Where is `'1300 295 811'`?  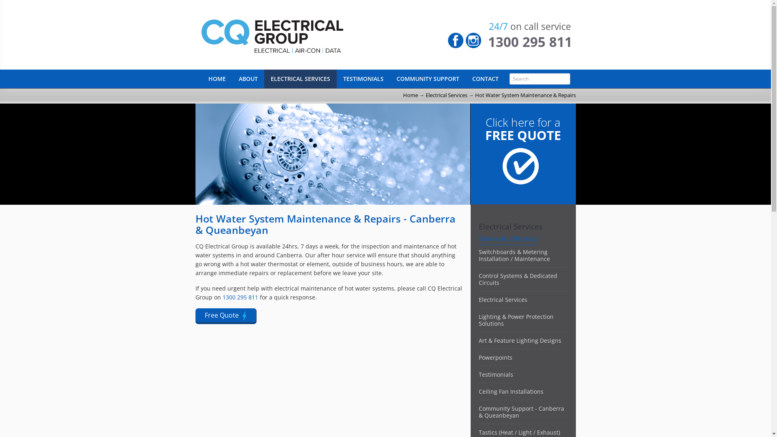
'1300 295 811' is located at coordinates (240, 297).